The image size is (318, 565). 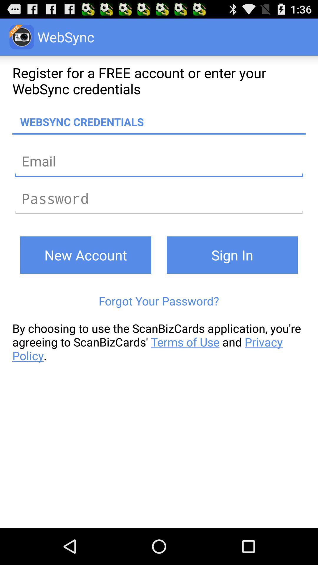 What do you see at coordinates (159, 198) in the screenshot?
I see `typing box` at bounding box center [159, 198].